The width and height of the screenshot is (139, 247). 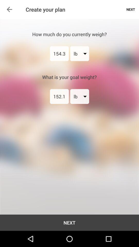 I want to click on the icon above next item, so click(x=59, y=96).